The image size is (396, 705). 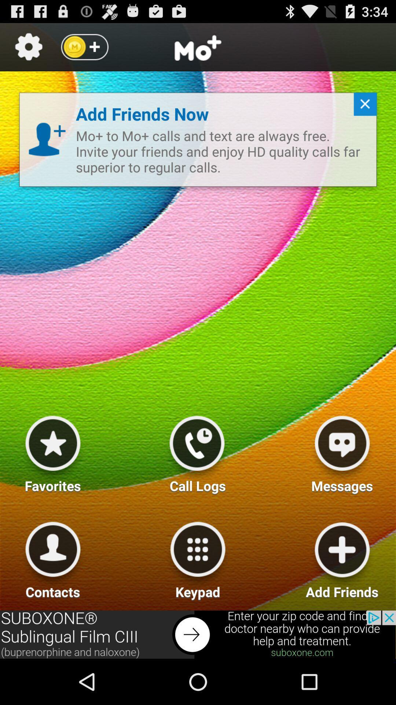 What do you see at coordinates (52, 451) in the screenshot?
I see `open favorites` at bounding box center [52, 451].